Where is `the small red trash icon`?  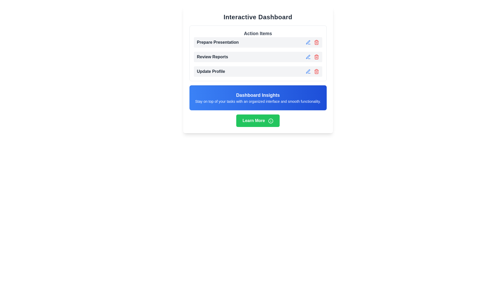
the small red trash icon is located at coordinates (316, 71).